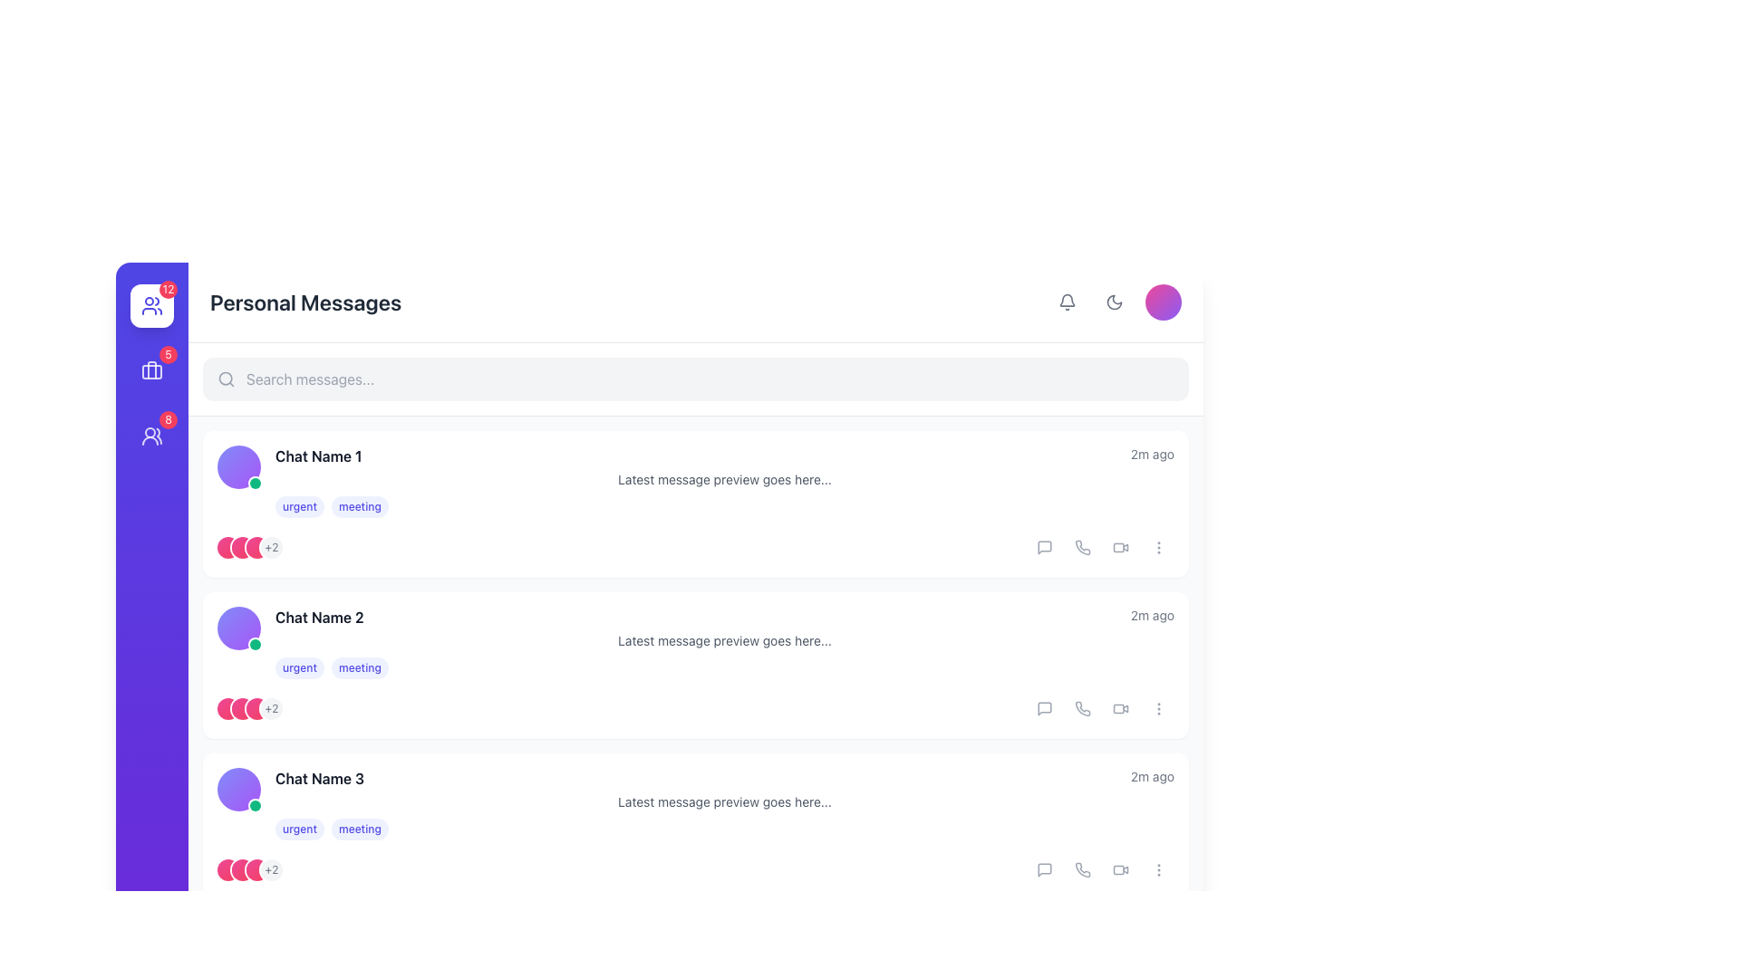  Describe the element at coordinates (1044, 708) in the screenshot. I see `the compact and stylized messaging bubble icon located in the third chat entry from the top, positioned among icons to the far right, between the video call and more options icons` at that location.